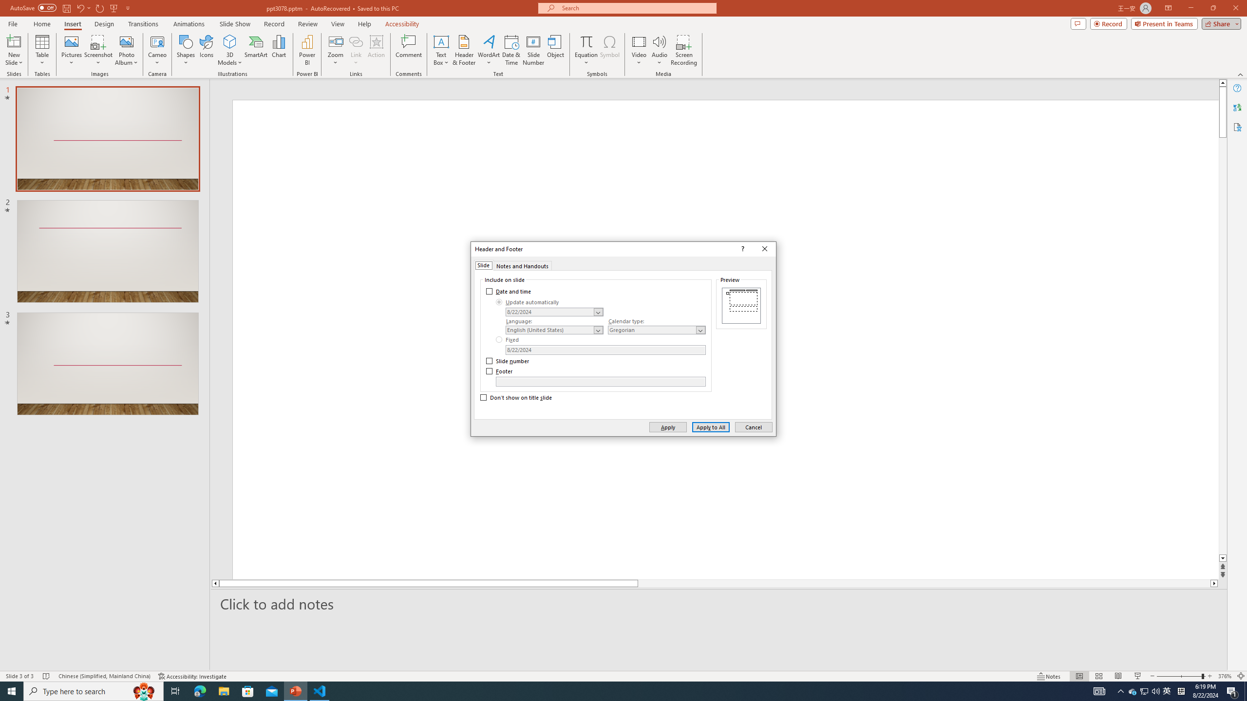  What do you see at coordinates (508, 339) in the screenshot?
I see `'Fixed'` at bounding box center [508, 339].